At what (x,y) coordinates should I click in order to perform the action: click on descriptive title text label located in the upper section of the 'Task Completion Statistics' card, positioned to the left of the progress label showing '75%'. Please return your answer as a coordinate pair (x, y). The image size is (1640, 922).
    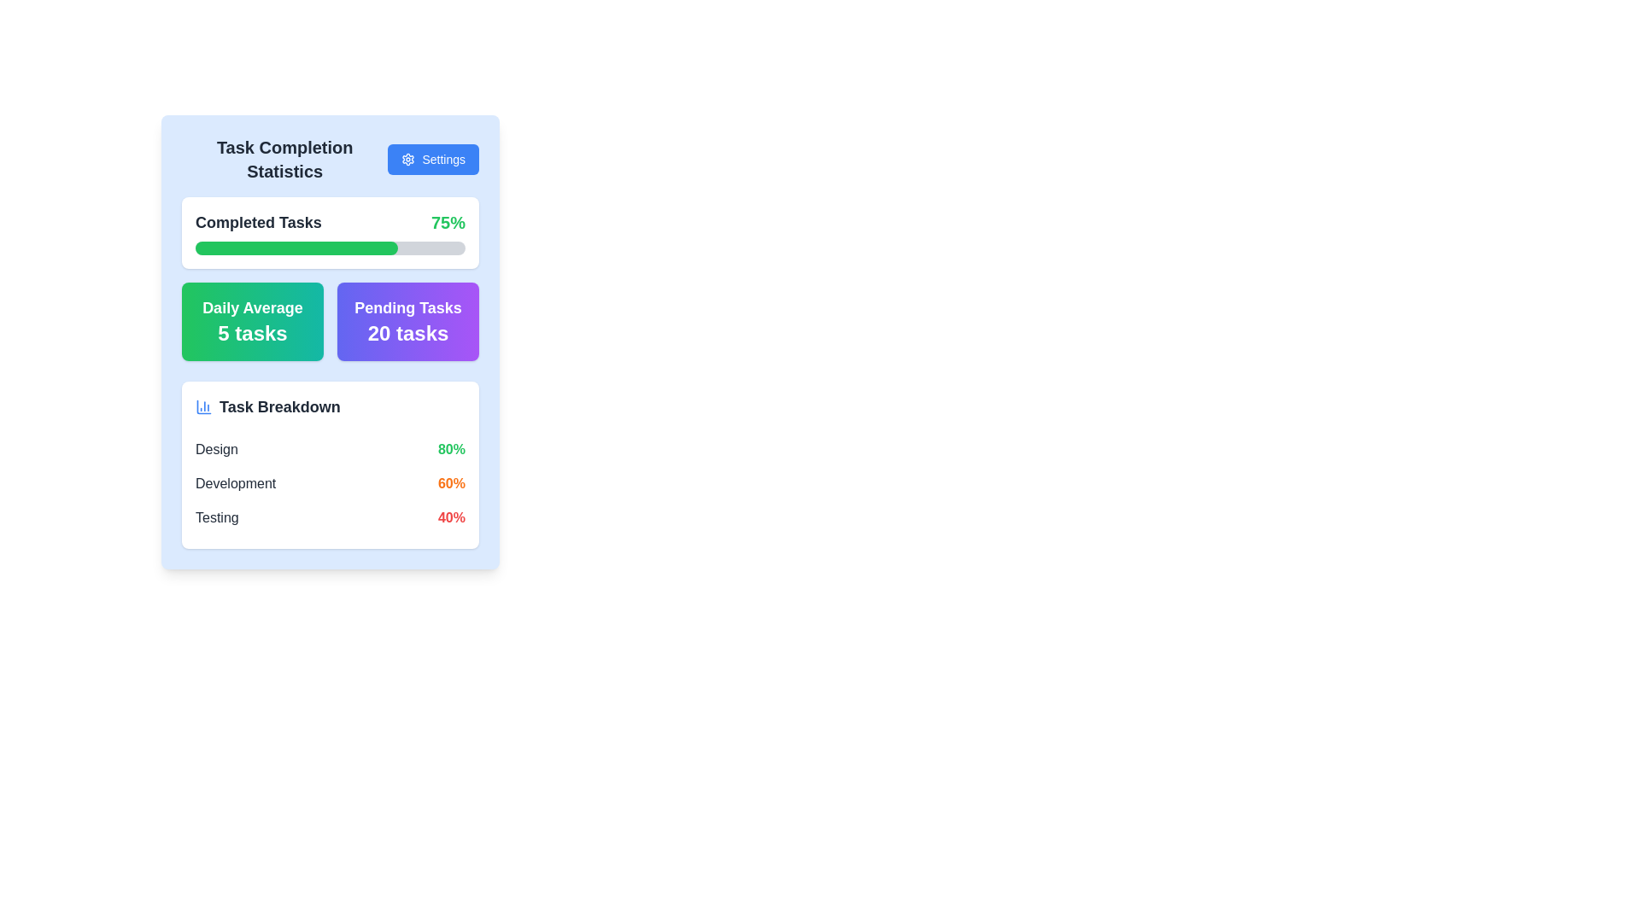
    Looking at the image, I should click on (257, 222).